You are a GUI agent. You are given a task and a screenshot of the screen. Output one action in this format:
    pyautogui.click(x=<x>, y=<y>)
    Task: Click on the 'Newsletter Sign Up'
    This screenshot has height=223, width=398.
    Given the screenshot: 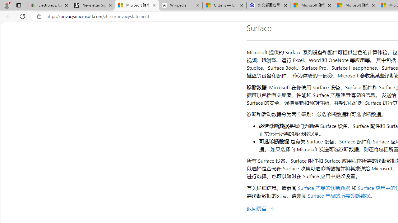 What is the action you would take?
    pyautogui.click(x=92, y=5)
    